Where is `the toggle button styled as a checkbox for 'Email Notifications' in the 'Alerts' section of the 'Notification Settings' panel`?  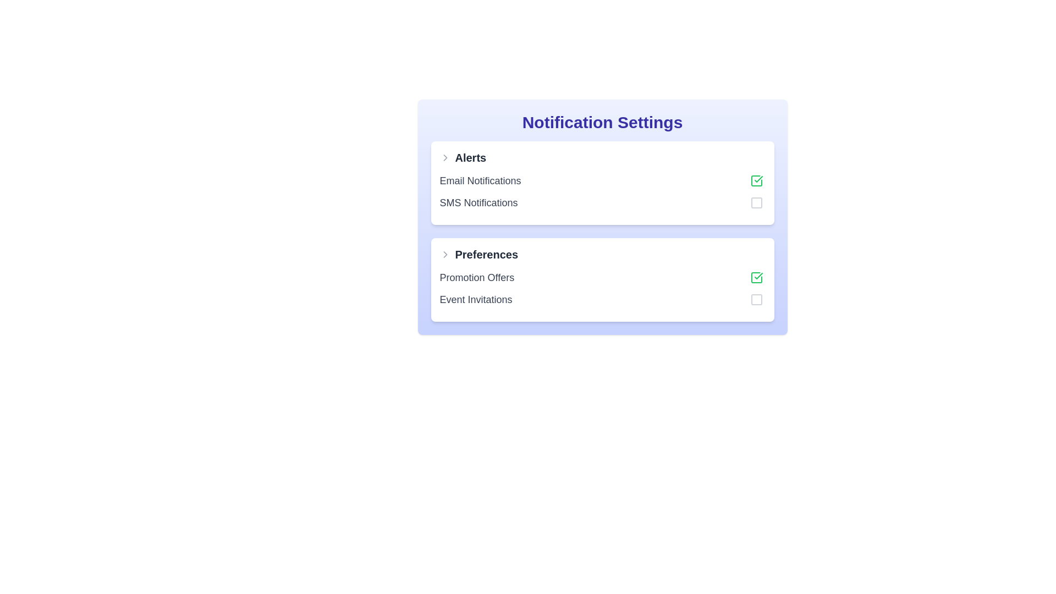
the toggle button styled as a checkbox for 'Email Notifications' in the 'Alerts' section of the 'Notification Settings' panel is located at coordinates (756, 180).